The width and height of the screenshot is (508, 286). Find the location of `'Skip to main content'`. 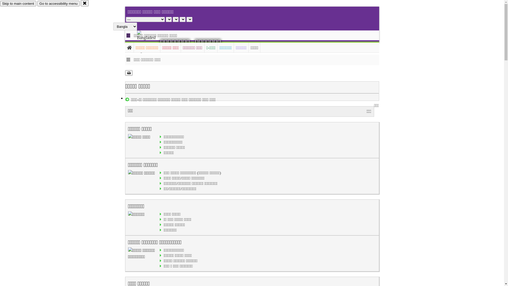

'Skip to main content' is located at coordinates (18, 3).